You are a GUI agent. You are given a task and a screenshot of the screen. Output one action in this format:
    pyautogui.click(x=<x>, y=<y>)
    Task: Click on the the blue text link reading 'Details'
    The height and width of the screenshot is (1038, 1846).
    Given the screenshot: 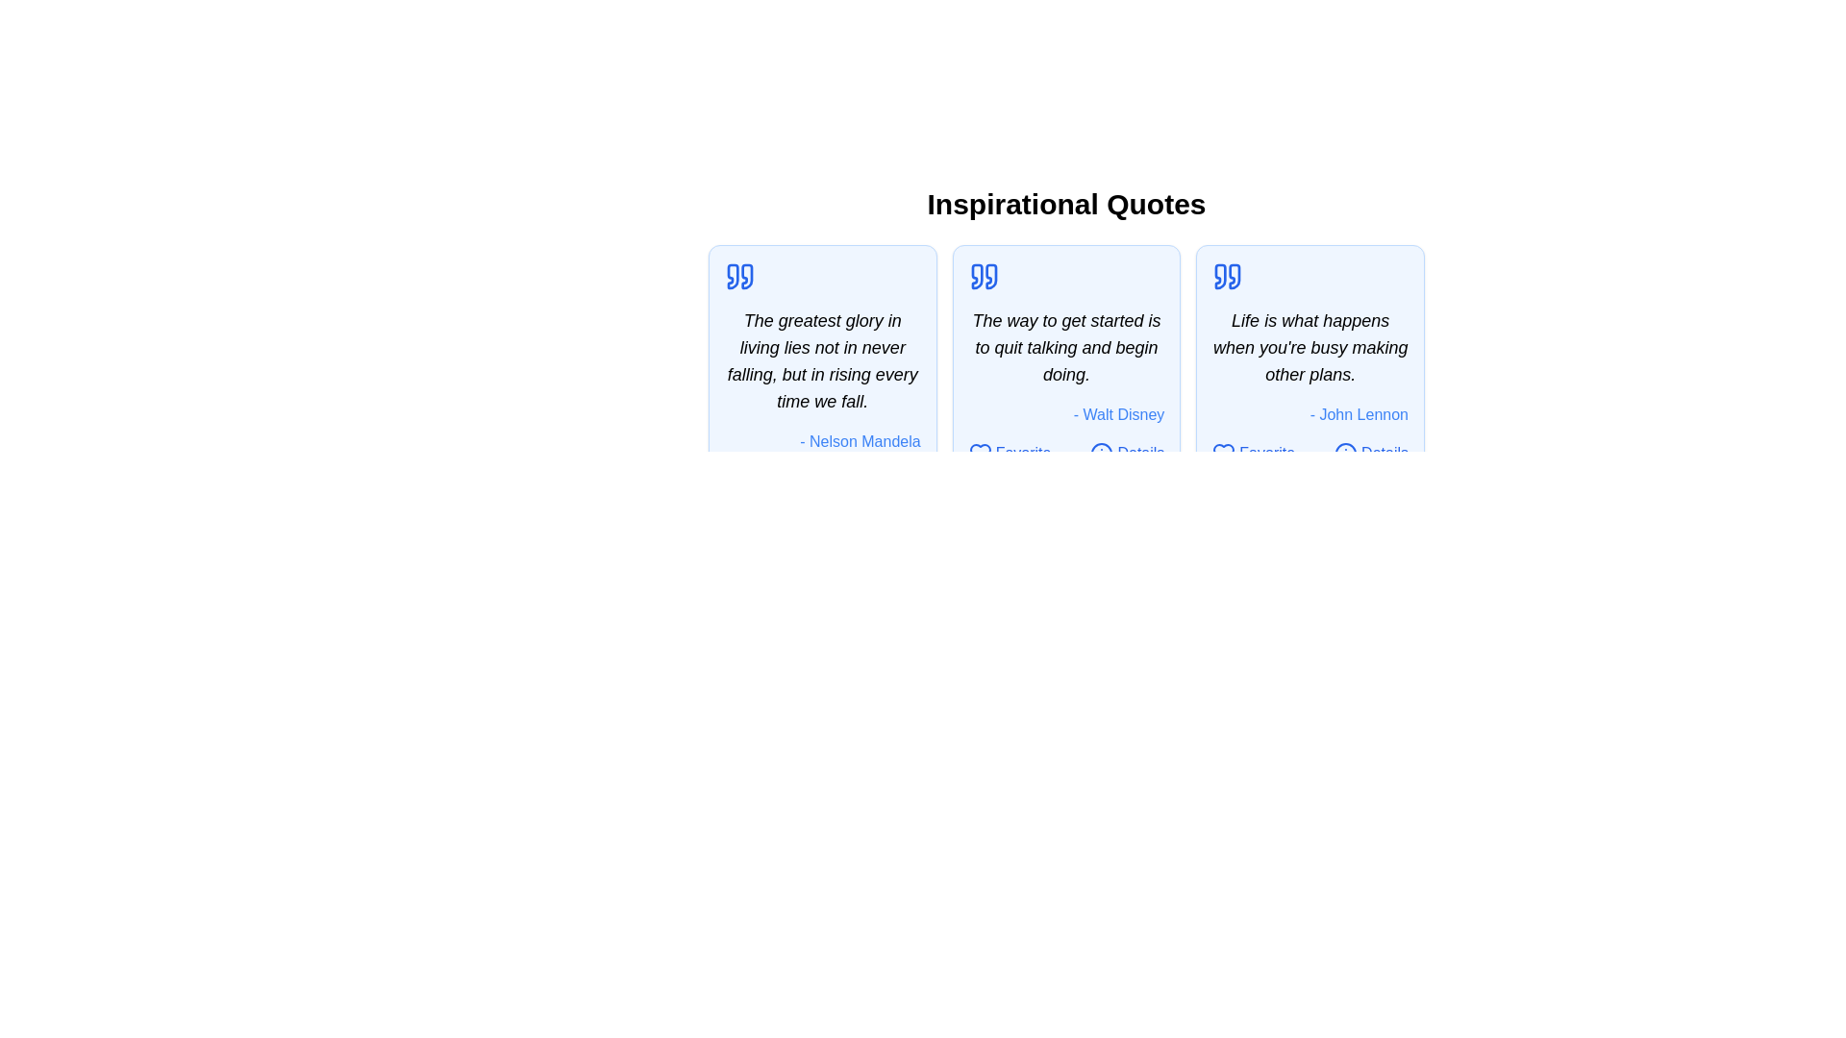 What is the action you would take?
    pyautogui.click(x=1384, y=453)
    